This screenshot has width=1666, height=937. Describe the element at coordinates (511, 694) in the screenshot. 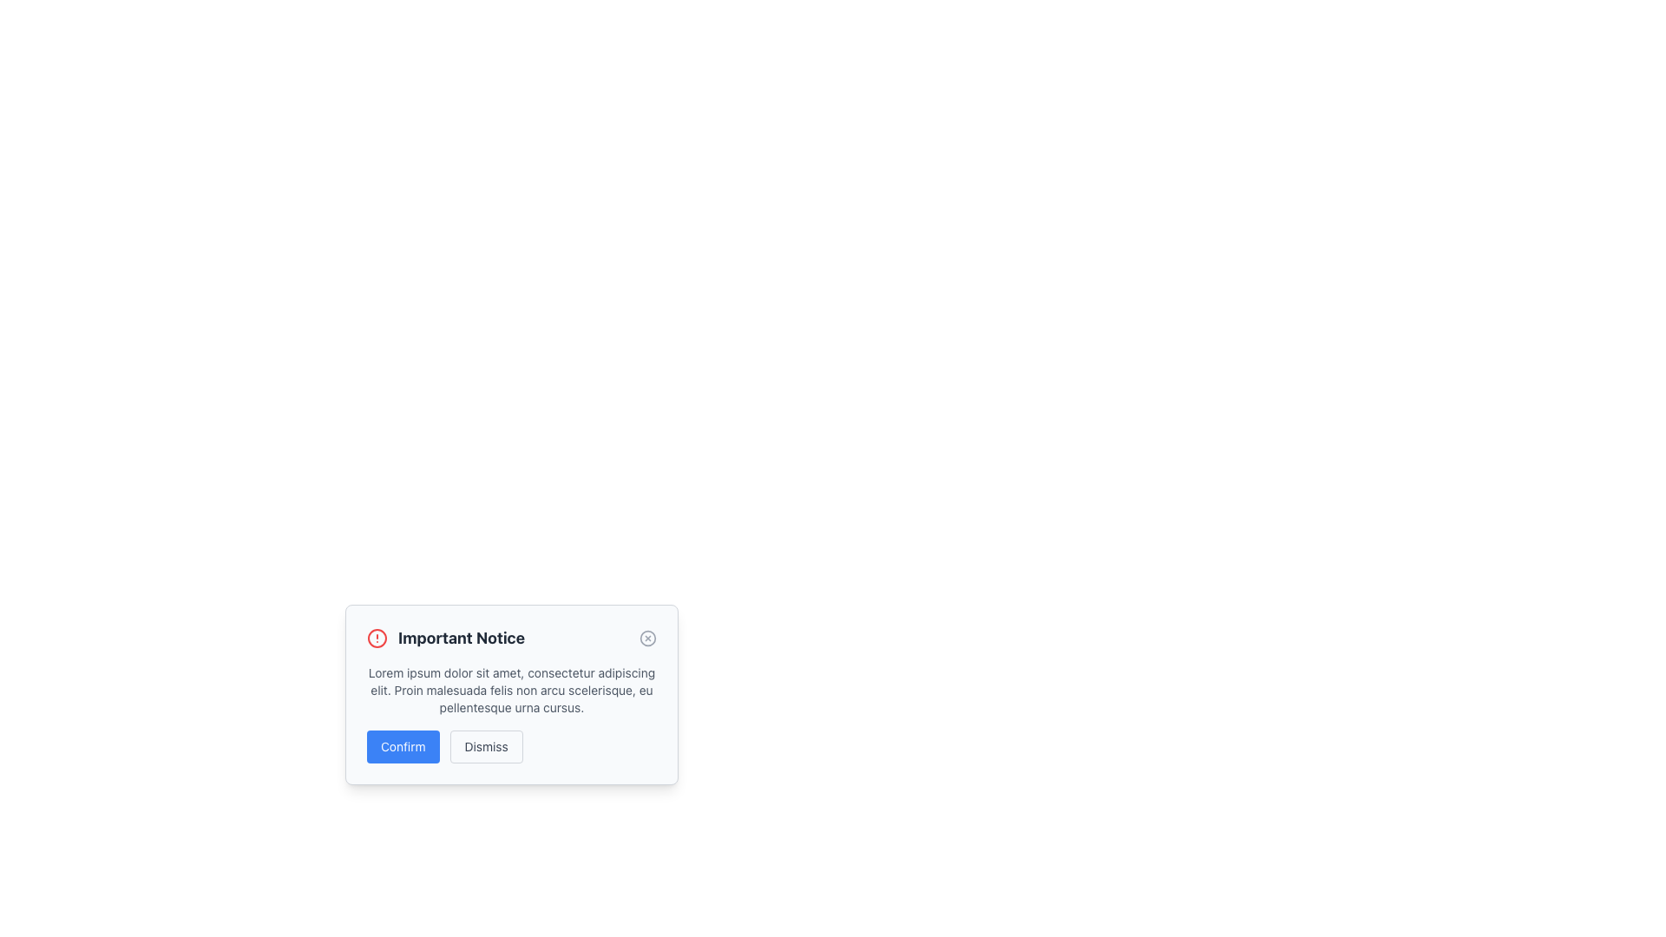

I see `the Modal/Dialog Box titled 'Important Notice', which contains a prominent heading, descriptive text, and action buttons` at that location.